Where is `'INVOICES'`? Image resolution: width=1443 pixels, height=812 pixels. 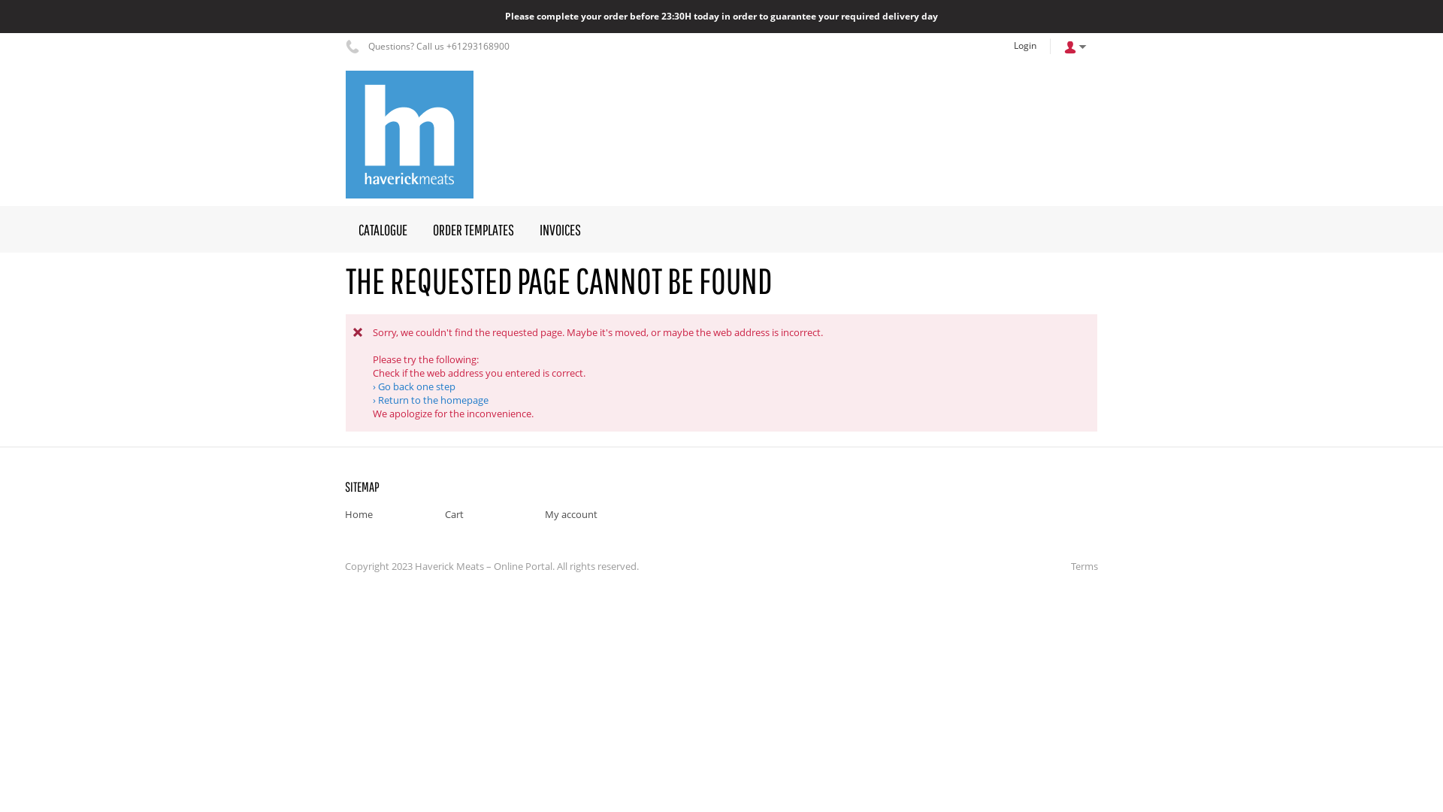 'INVOICES' is located at coordinates (559, 229).